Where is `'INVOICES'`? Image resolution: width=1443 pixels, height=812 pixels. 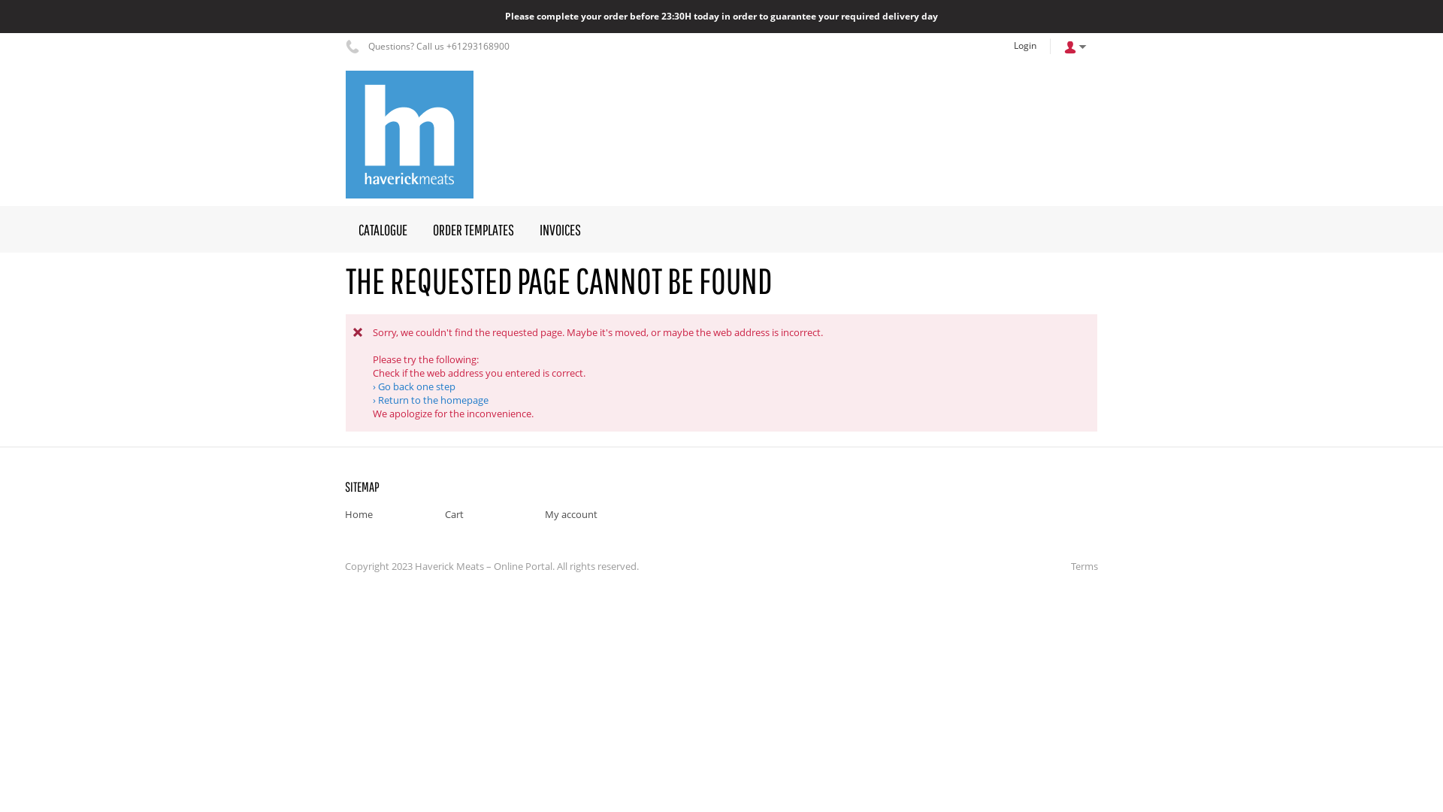 'INVOICES' is located at coordinates (559, 229).